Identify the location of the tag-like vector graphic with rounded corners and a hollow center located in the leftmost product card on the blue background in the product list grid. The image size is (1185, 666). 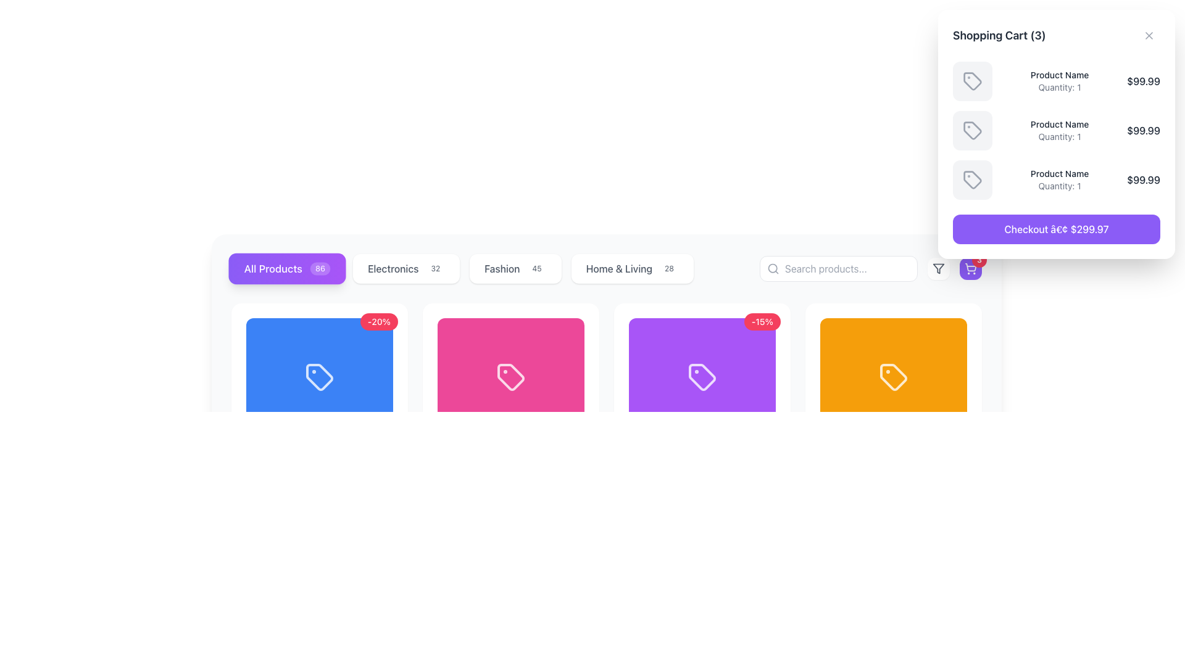
(320, 377).